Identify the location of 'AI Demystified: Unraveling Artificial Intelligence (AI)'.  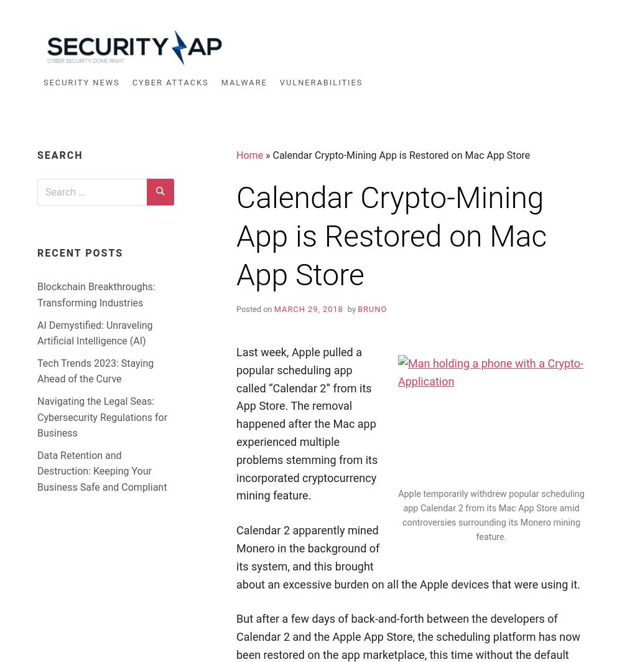
(95, 332).